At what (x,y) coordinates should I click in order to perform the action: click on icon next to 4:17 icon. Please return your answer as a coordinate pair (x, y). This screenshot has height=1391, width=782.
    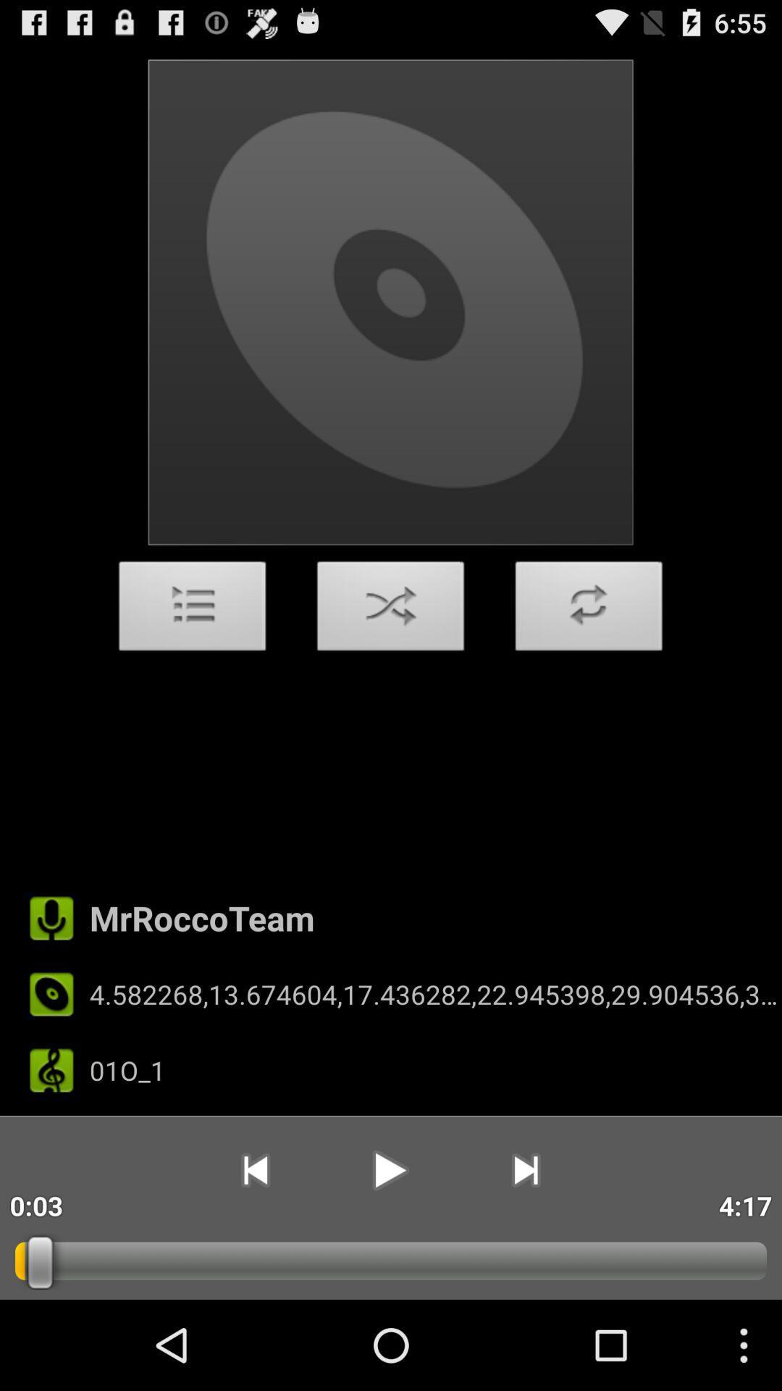
    Looking at the image, I should click on (526, 1170).